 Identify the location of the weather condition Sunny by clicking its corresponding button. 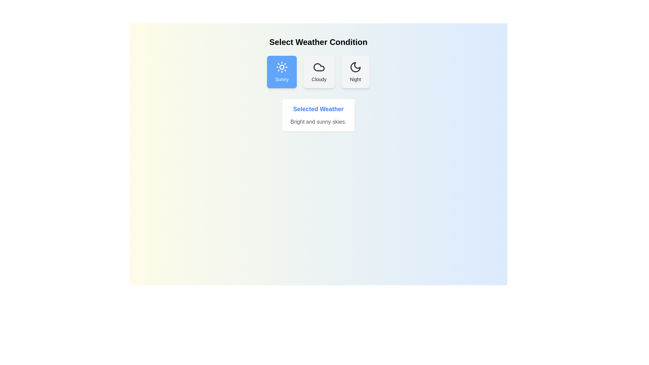
(282, 72).